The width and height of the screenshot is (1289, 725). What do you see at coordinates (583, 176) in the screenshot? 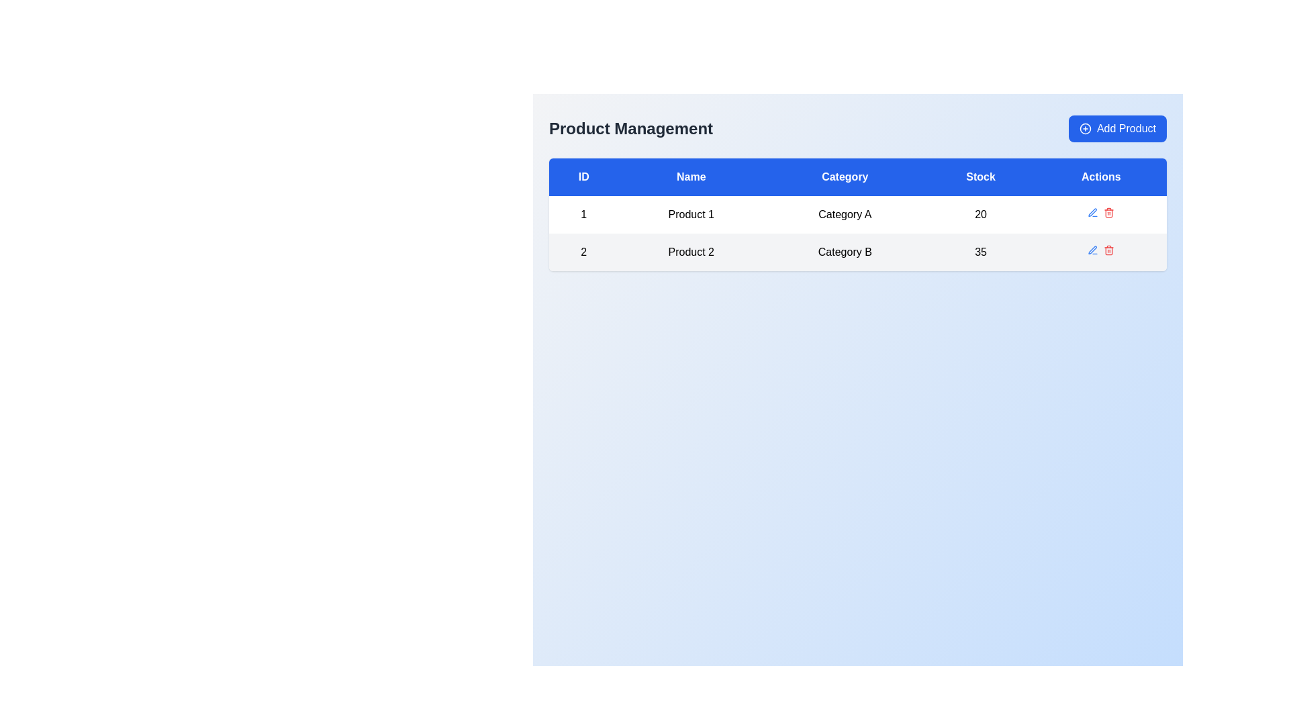
I see `the header label for the first column of the table, which displays unique identifiers for the table rows` at bounding box center [583, 176].